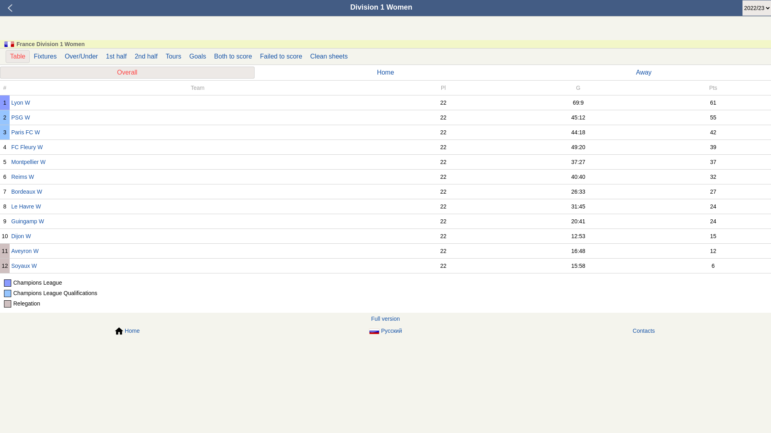 The width and height of the screenshot is (771, 433). What do you see at coordinates (29, 56) in the screenshot?
I see `'Fixtures'` at bounding box center [29, 56].